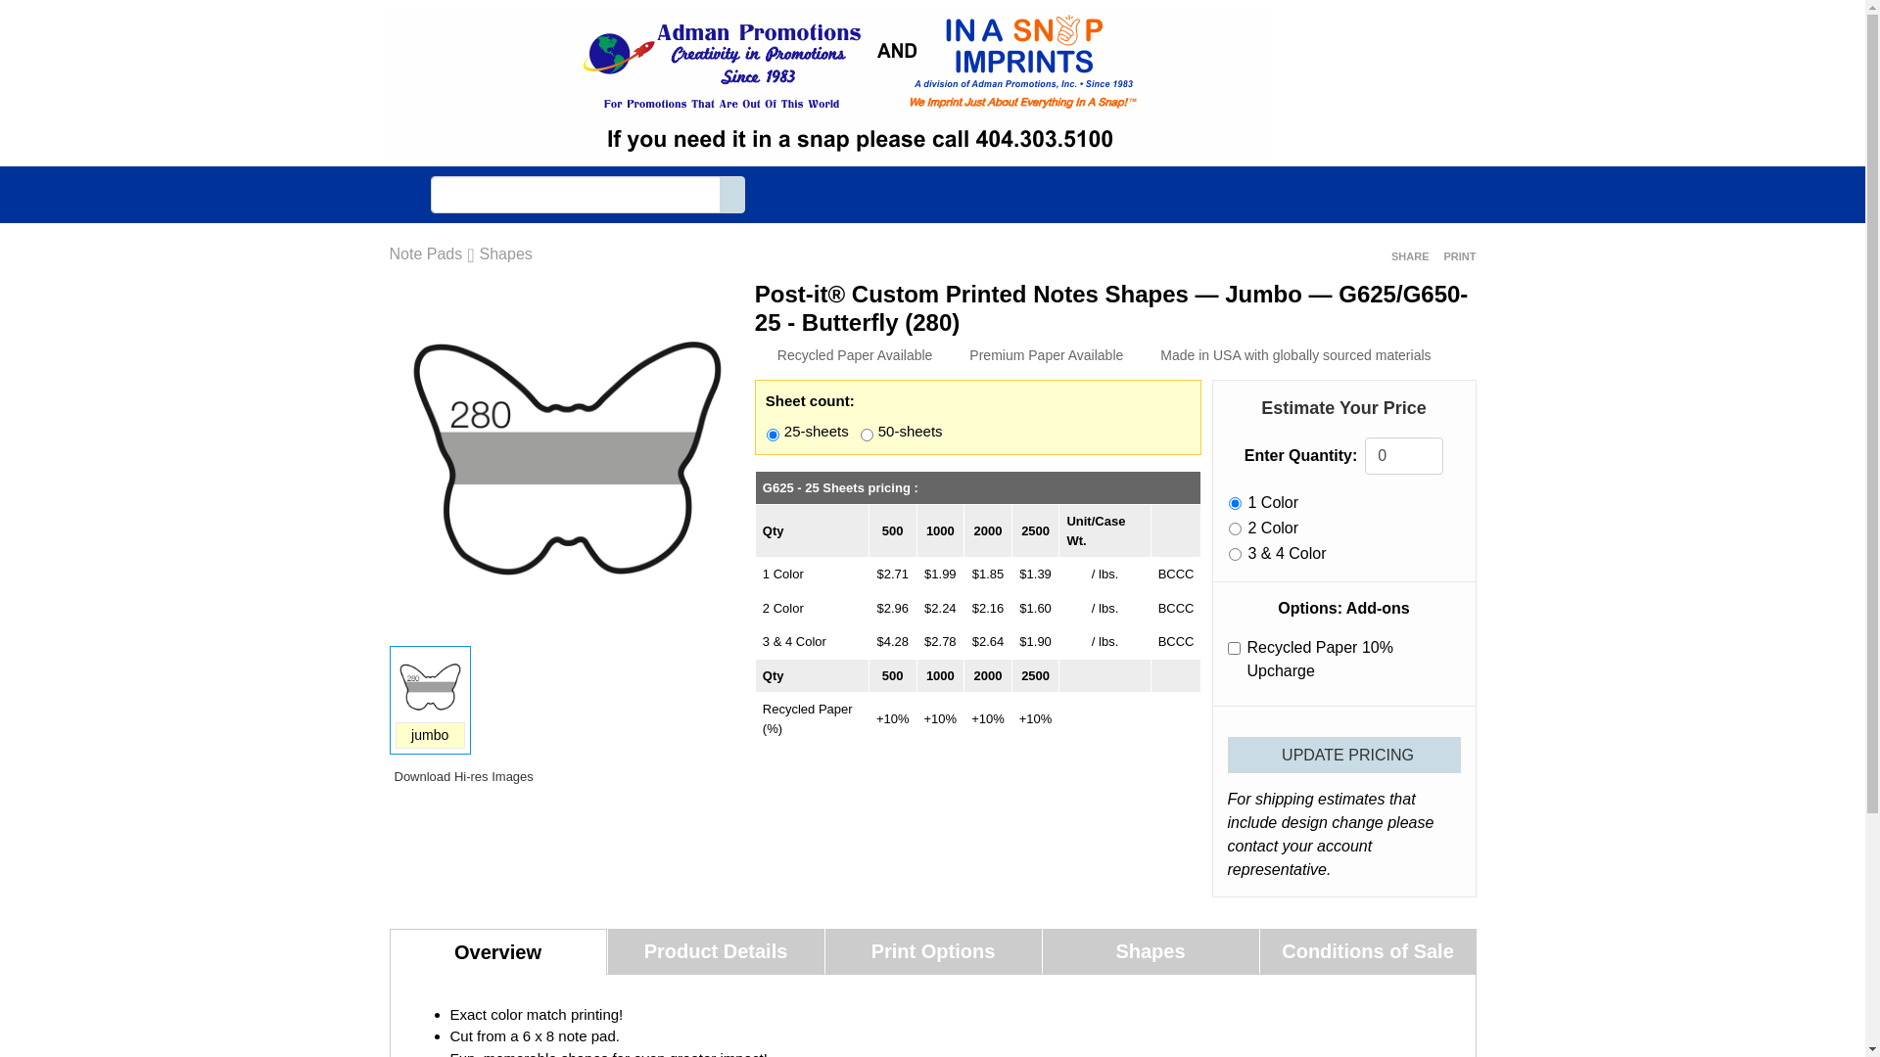 This screenshot has width=1880, height=1057. Describe the element at coordinates (931, 950) in the screenshot. I see `'Print Options'` at that location.